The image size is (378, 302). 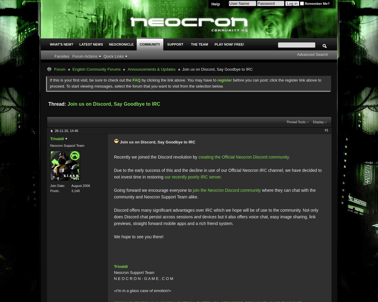 I want to click on 'If this is your first visit, be sure to
		check out the', so click(x=91, y=80).